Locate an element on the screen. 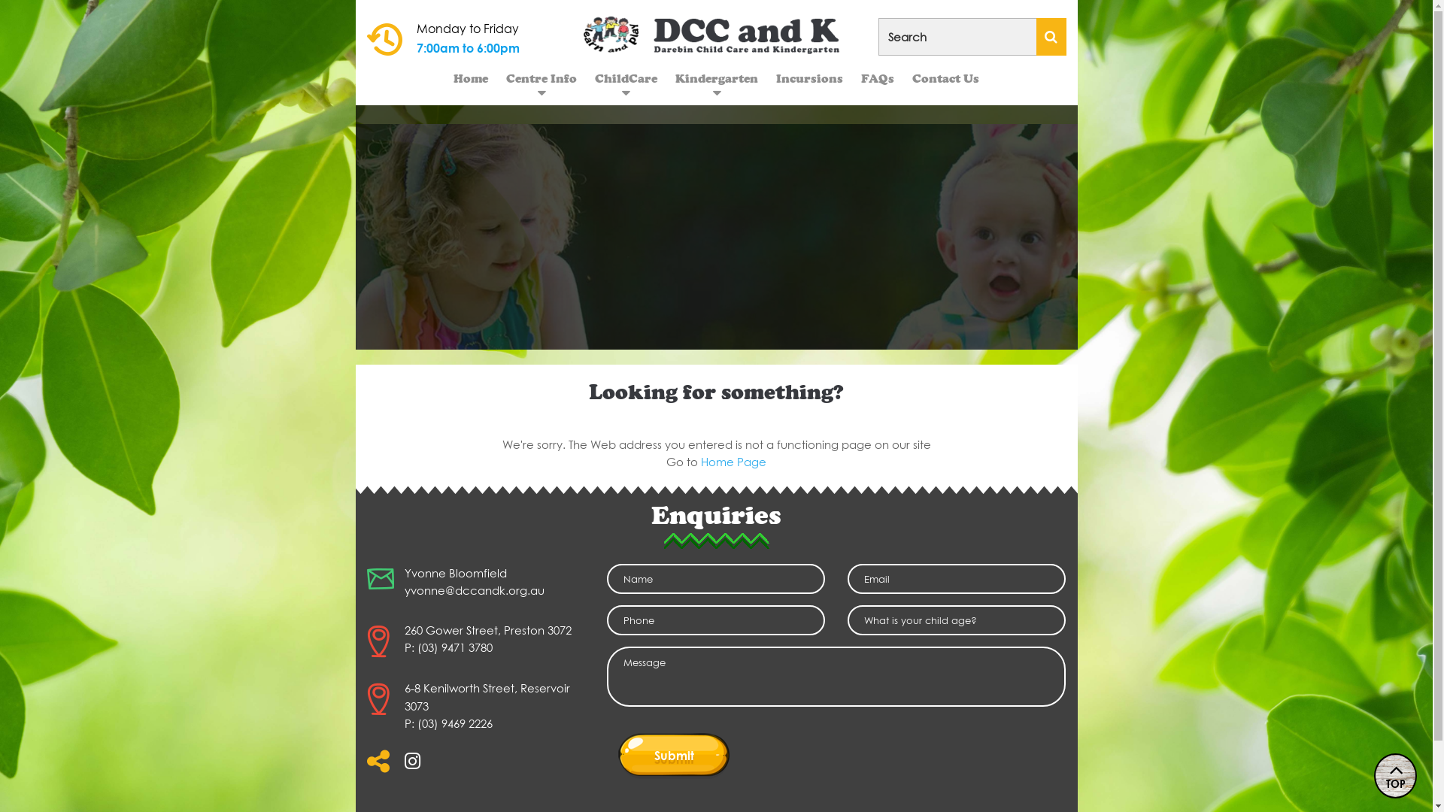  'yvonne@dccandk.org.au' is located at coordinates (473, 589).